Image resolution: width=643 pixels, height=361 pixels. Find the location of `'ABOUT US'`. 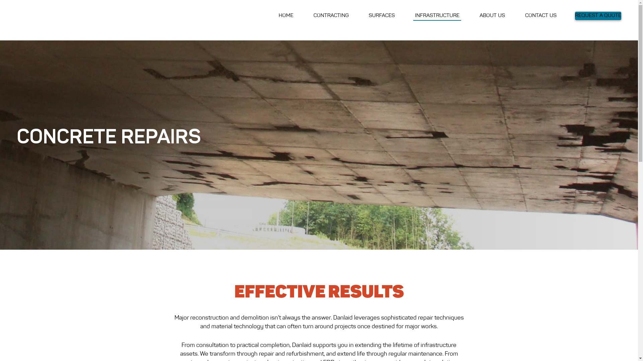

'ABOUT US' is located at coordinates (492, 15).